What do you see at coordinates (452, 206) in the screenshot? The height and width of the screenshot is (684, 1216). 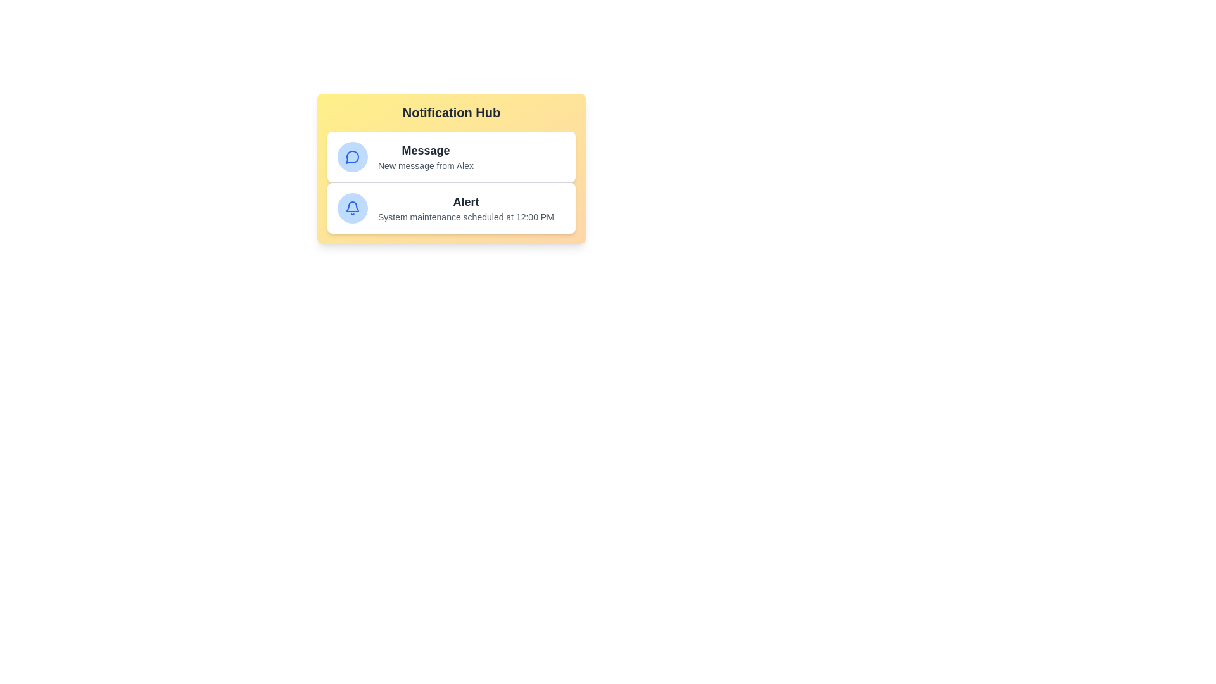 I see `the notification item Alert` at bounding box center [452, 206].